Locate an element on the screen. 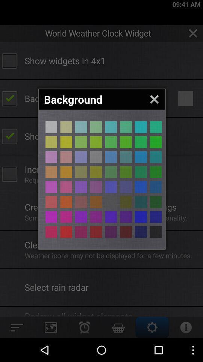  color button is located at coordinates (141, 172).